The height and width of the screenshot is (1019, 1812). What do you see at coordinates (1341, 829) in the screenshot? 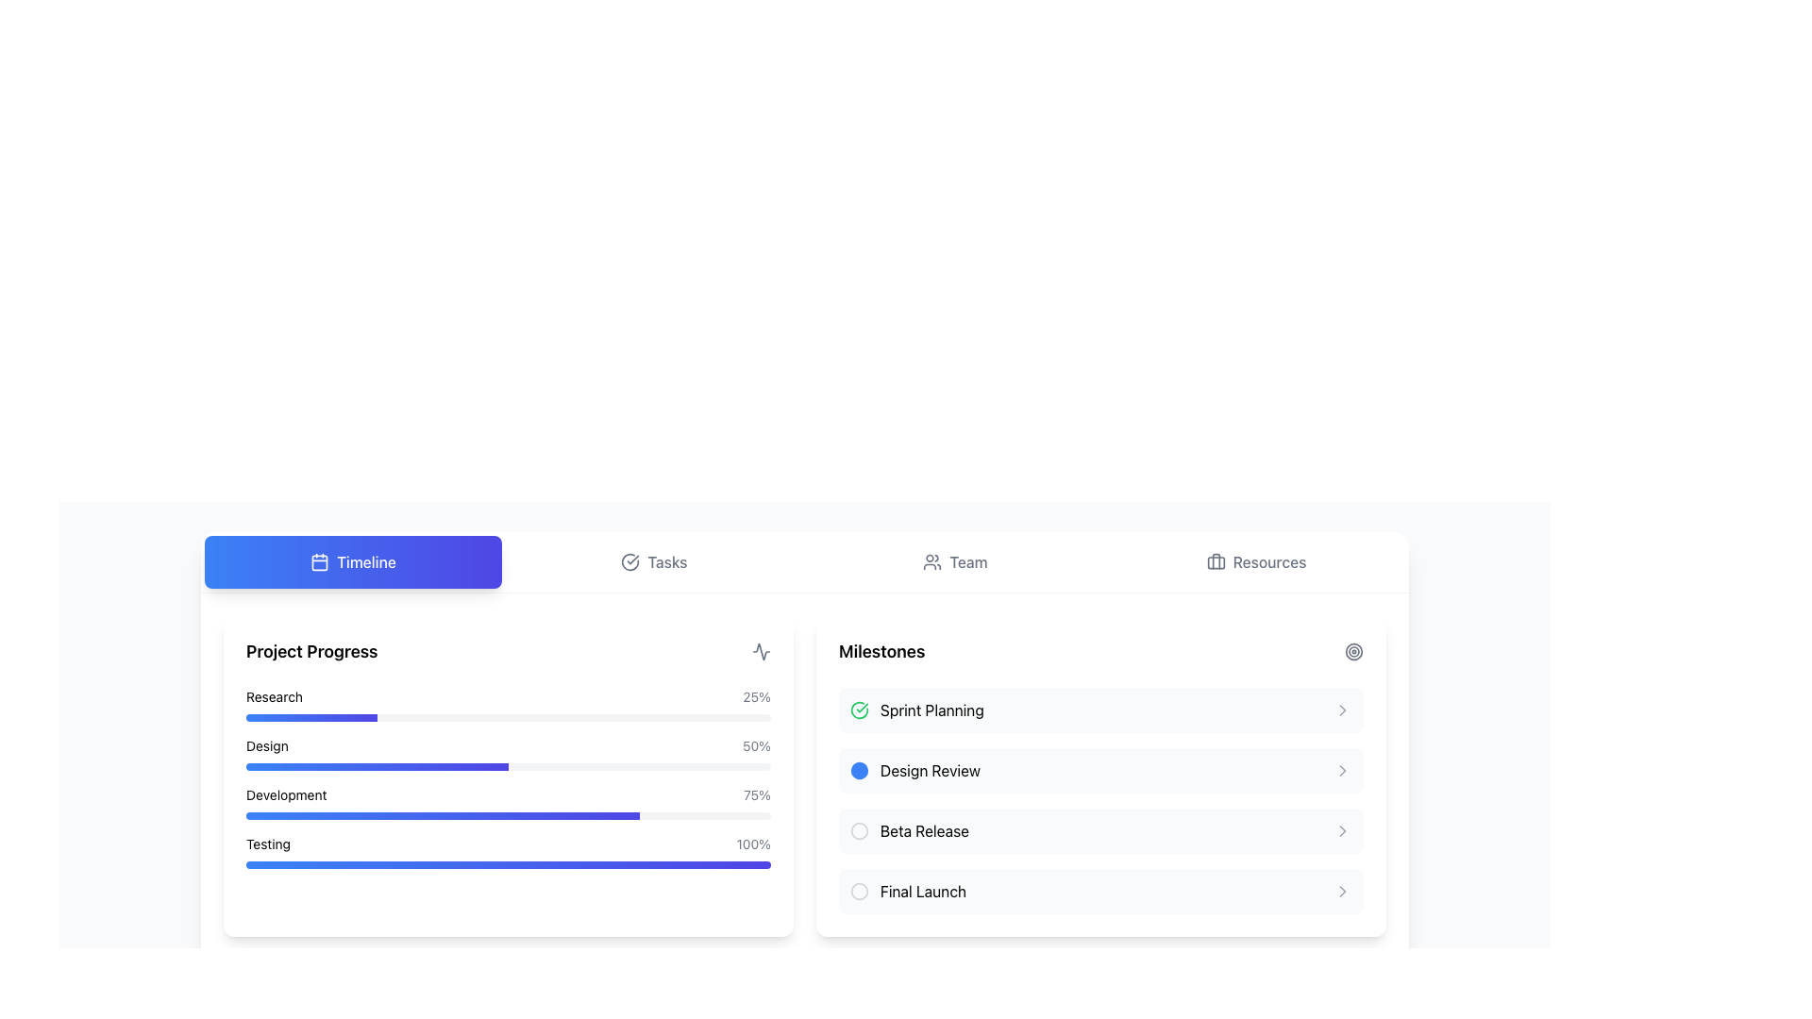
I see `the navigational icon (Chevron Right Style) located in the 'Milestones' section, next to the 'Beta Release' entry` at bounding box center [1341, 829].